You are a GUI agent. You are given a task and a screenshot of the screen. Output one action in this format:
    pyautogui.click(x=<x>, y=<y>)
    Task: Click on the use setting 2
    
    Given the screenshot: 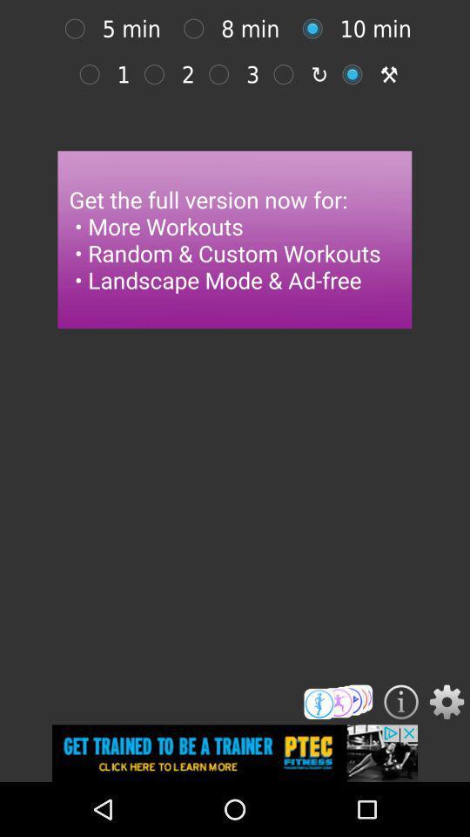 What is the action you would take?
    pyautogui.click(x=158, y=74)
    